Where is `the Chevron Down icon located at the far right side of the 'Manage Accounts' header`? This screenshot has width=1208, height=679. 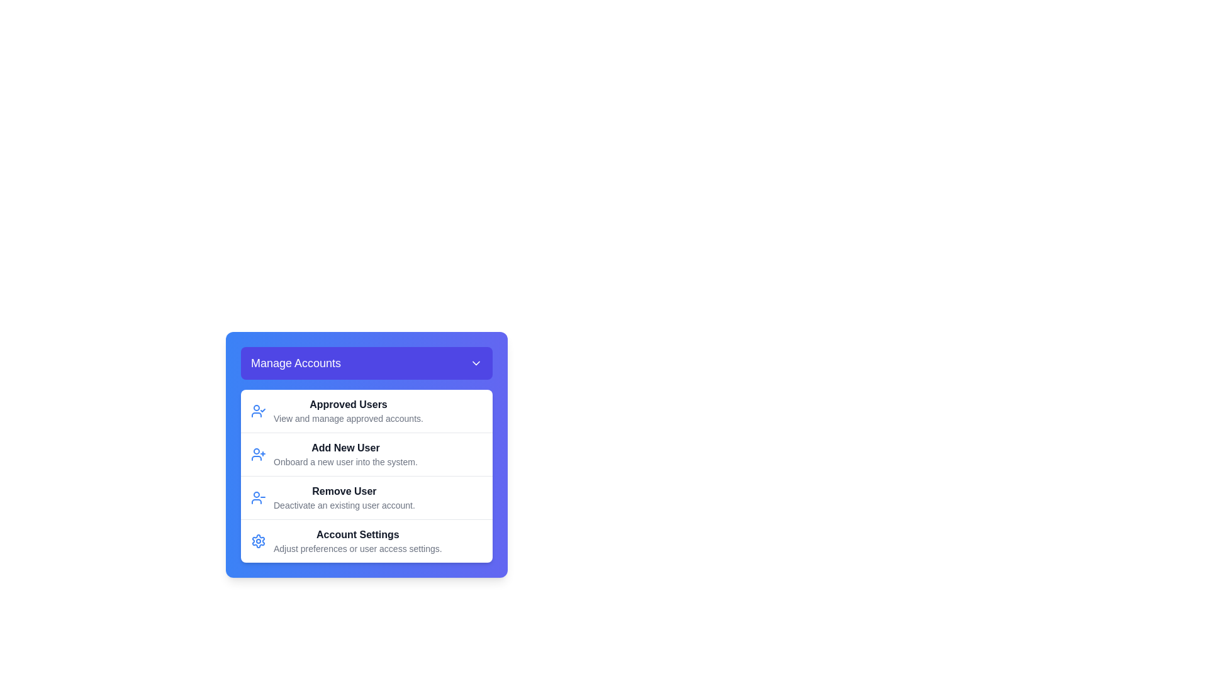 the Chevron Down icon located at the far right side of the 'Manage Accounts' header is located at coordinates (476, 363).